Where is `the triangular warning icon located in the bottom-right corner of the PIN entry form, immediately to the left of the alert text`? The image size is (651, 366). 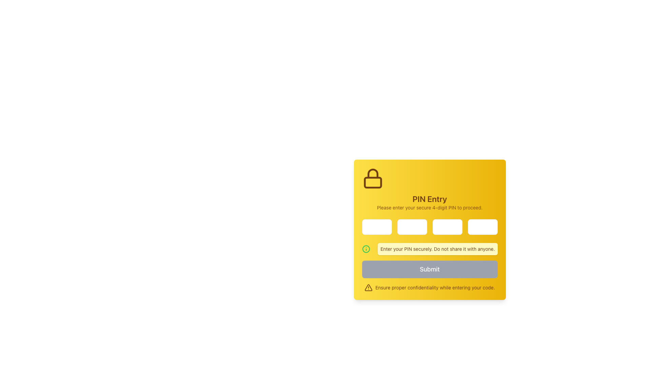 the triangular warning icon located in the bottom-right corner of the PIN entry form, immediately to the left of the alert text is located at coordinates (368, 287).